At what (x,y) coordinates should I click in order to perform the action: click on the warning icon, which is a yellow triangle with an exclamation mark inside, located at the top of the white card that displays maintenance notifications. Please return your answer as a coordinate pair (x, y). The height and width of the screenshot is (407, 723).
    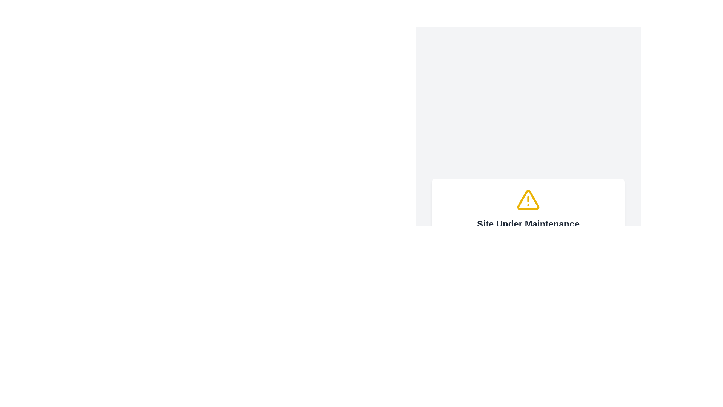
    Looking at the image, I should click on (528, 200).